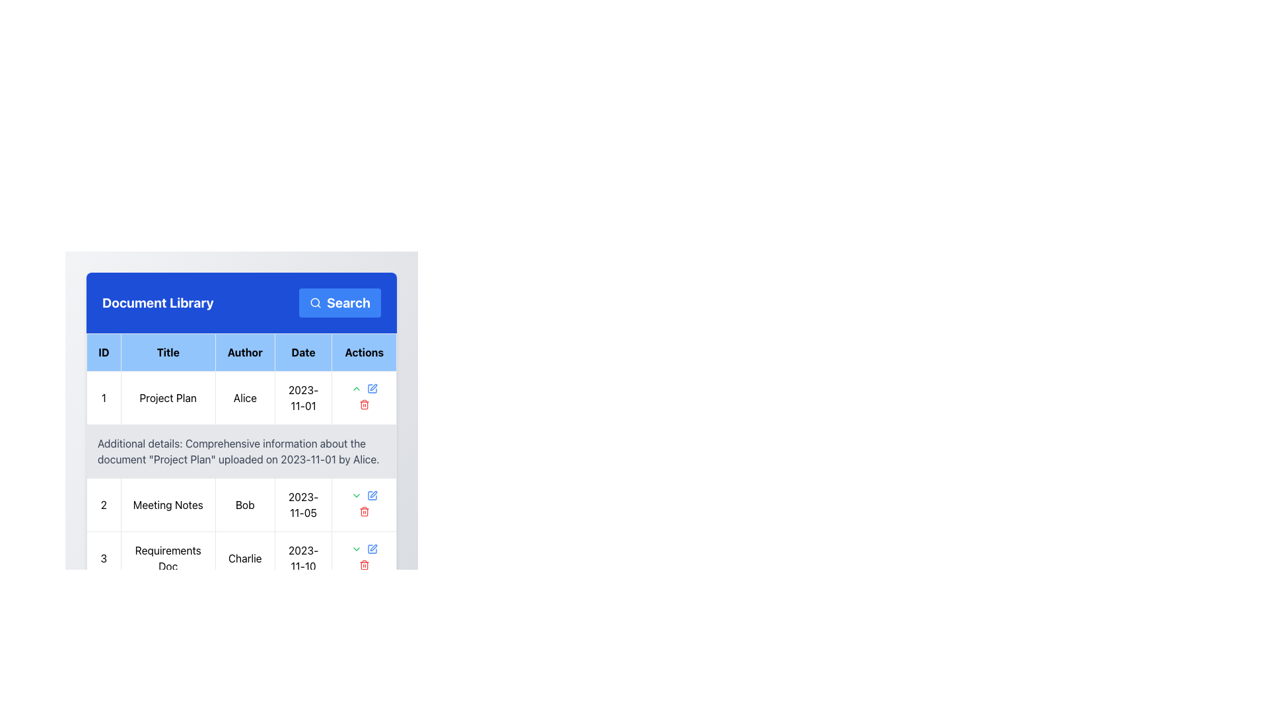 This screenshot has height=713, width=1268. What do you see at coordinates (314, 303) in the screenshot?
I see `the magnifying glass icon located at the leftmost part of the blue 'Search' button in the header of the 'Document Library' interface` at bounding box center [314, 303].